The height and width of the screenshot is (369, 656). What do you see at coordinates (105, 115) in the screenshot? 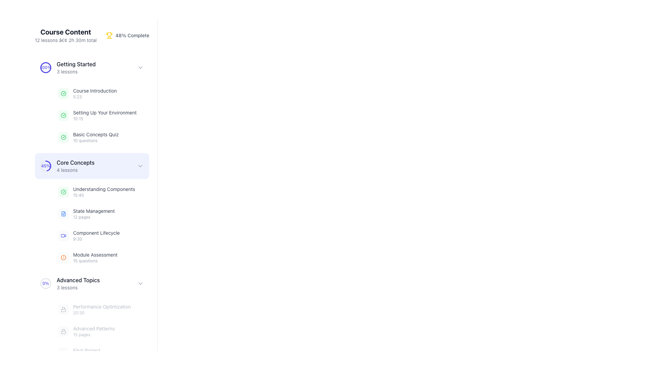
I see `the second list item under the 'Getting Started' section` at bounding box center [105, 115].